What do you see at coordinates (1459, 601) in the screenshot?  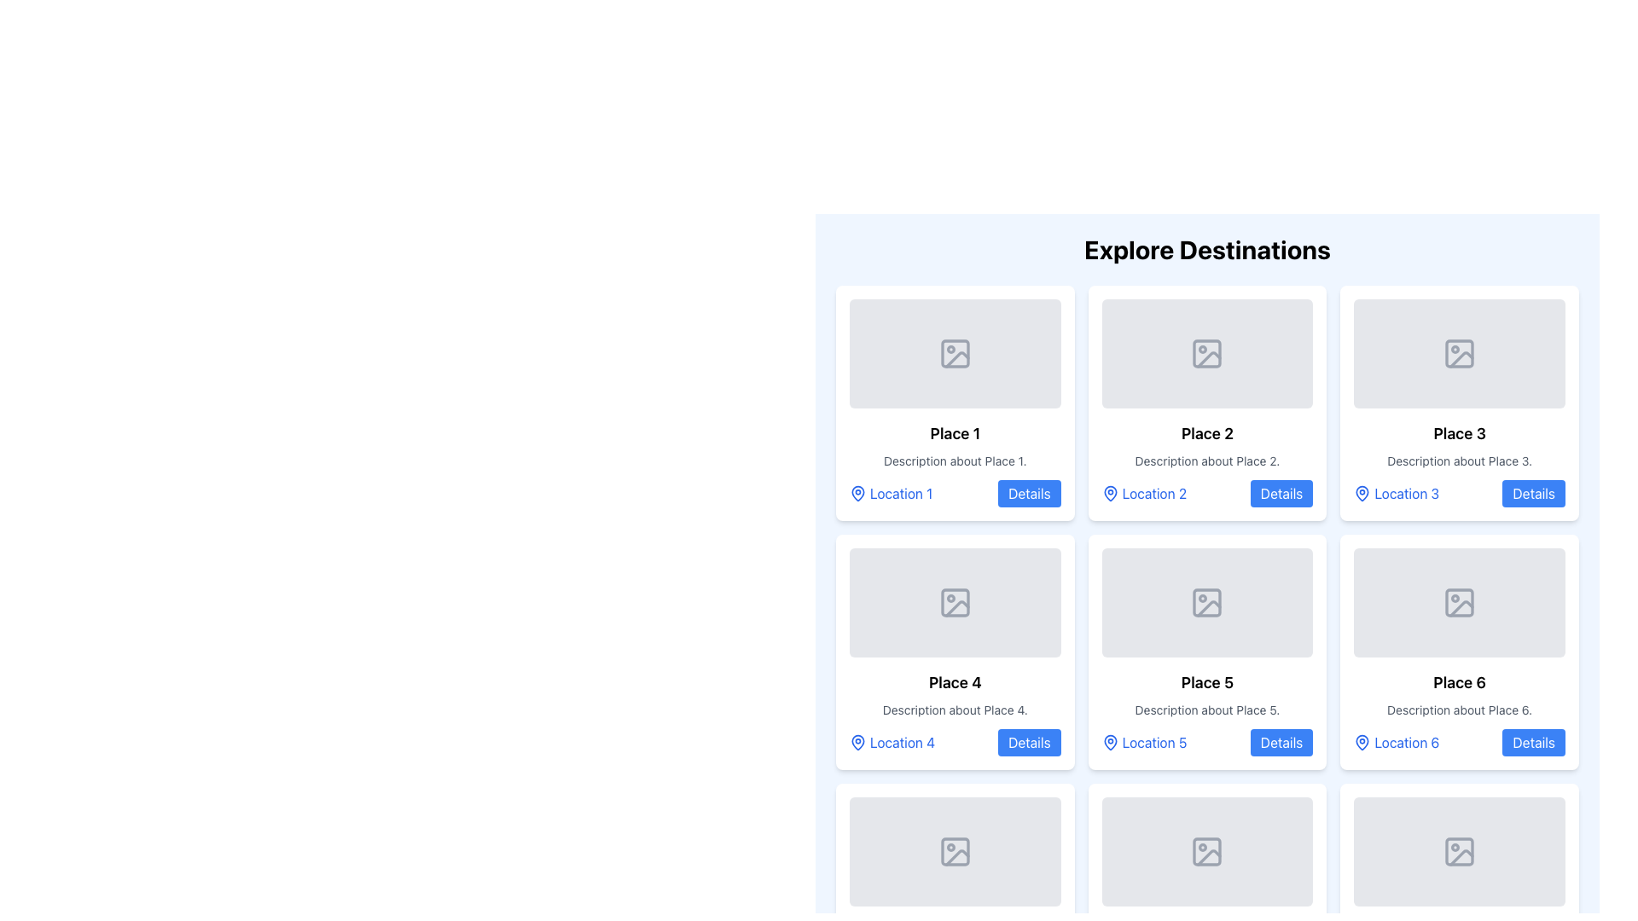 I see `the image placeholder for 'Place 6', which is positioned at the top of its card and serves as the primary visual element` at bounding box center [1459, 601].